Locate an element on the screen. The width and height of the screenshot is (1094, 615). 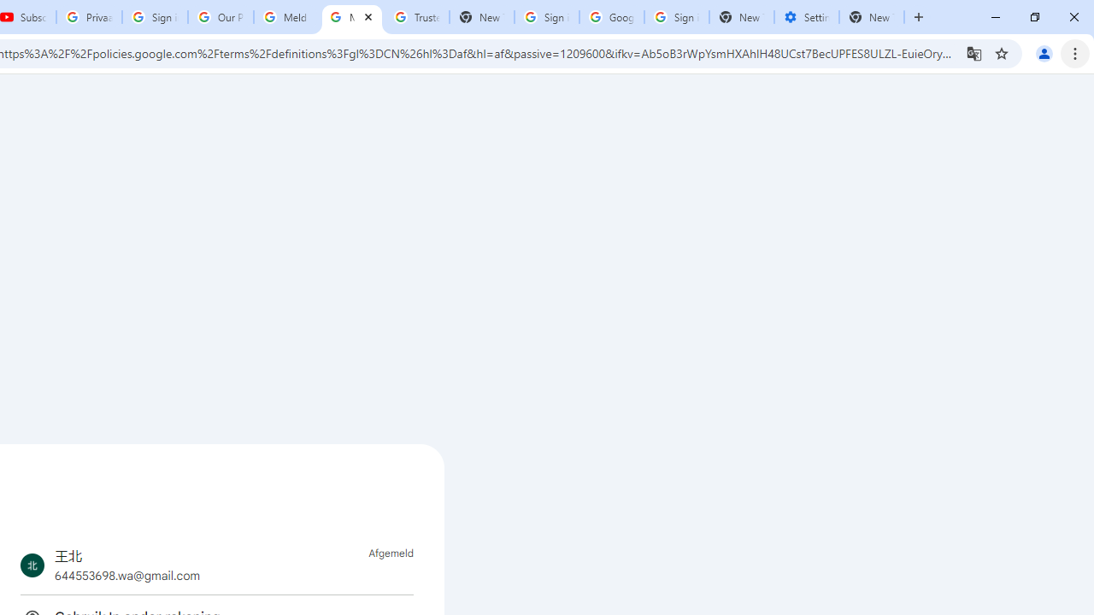
'Translate this page' is located at coordinates (973, 52).